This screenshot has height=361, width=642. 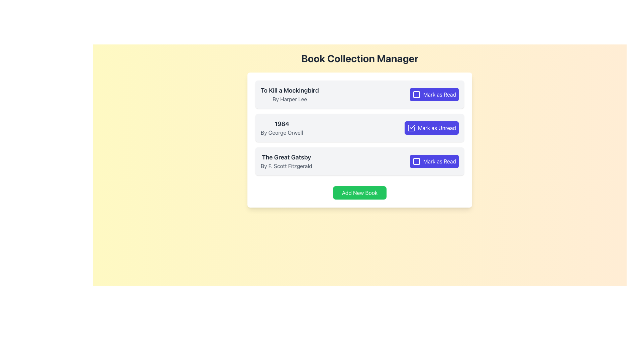 What do you see at coordinates (282, 133) in the screenshot?
I see `the static text label indicating the author of the book '1984', located below the book title in the central section of the interface` at bounding box center [282, 133].